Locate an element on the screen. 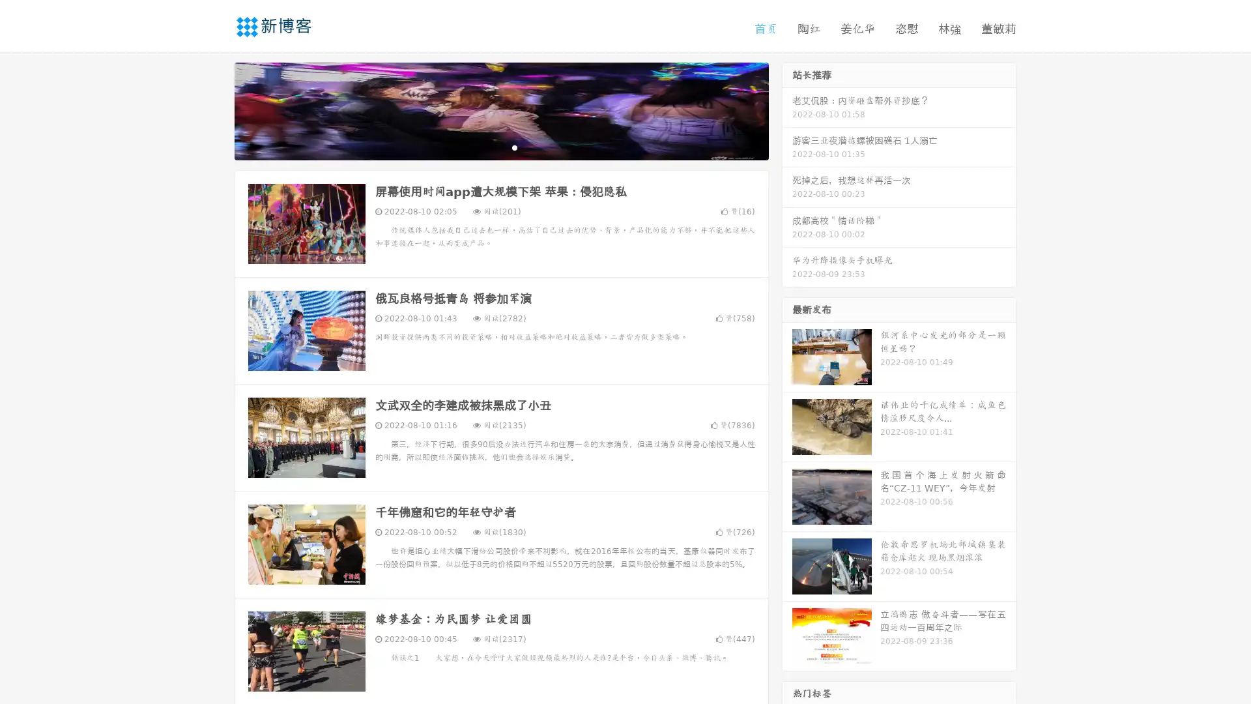 The width and height of the screenshot is (1251, 704). Go to slide 3 is located at coordinates (514, 147).